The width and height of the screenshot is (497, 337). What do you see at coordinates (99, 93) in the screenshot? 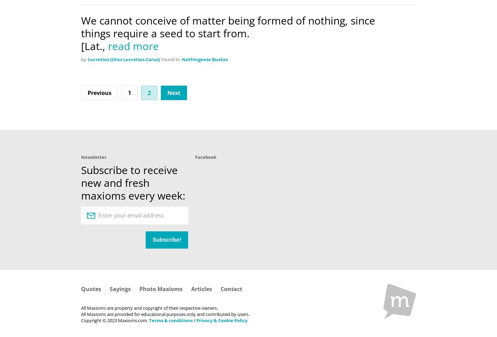
I see `'Previous'` at bounding box center [99, 93].